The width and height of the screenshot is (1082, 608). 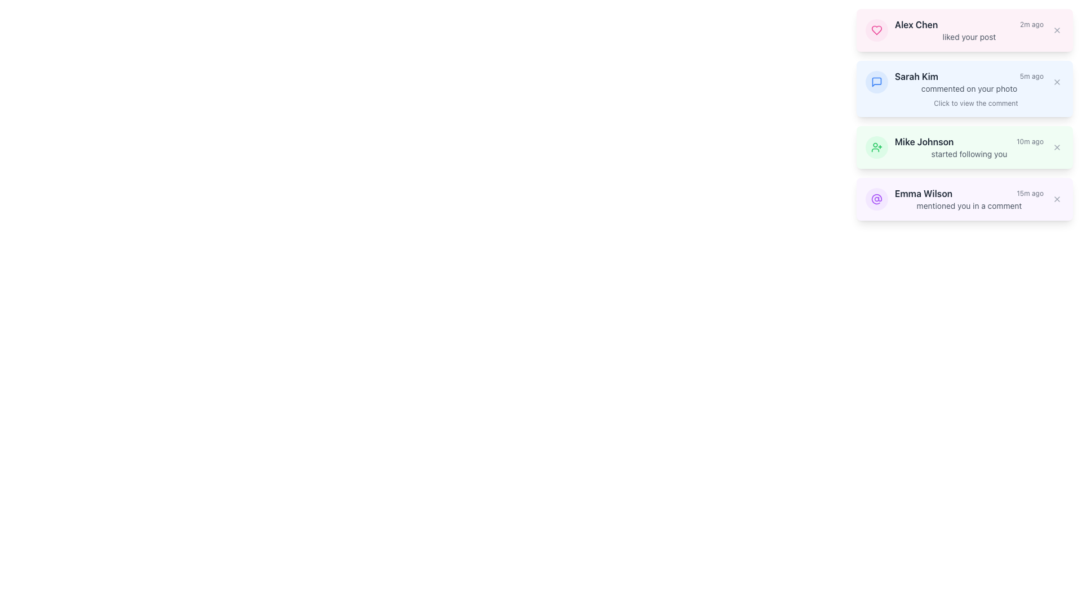 I want to click on the 'X' icon located in the top-right corner of the notification panel, so click(x=1057, y=147).